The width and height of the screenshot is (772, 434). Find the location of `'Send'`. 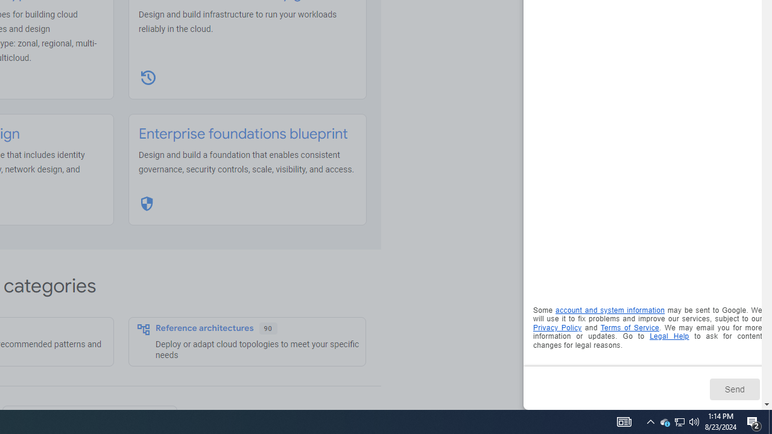

'Send' is located at coordinates (733, 389).